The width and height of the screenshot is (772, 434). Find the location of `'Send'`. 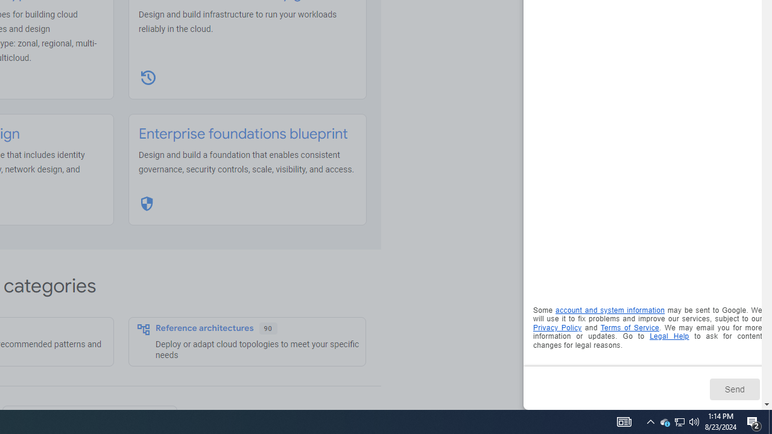

'Send' is located at coordinates (733, 389).